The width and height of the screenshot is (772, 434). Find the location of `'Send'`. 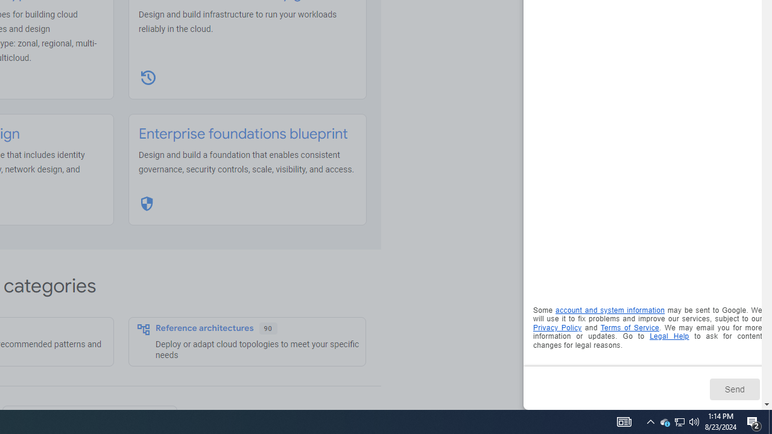

'Send' is located at coordinates (733, 389).